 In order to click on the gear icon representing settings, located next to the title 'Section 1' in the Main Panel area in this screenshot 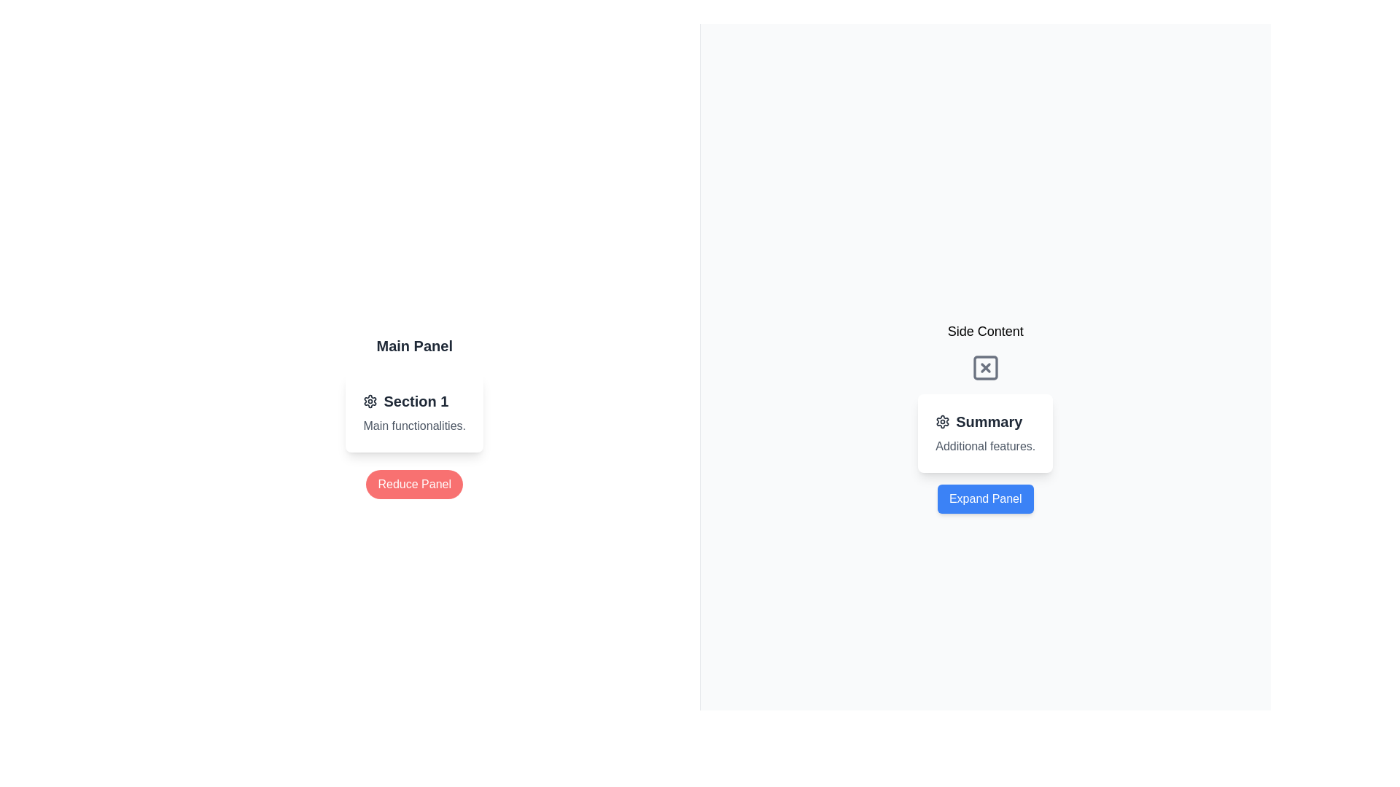, I will do `click(943, 421)`.